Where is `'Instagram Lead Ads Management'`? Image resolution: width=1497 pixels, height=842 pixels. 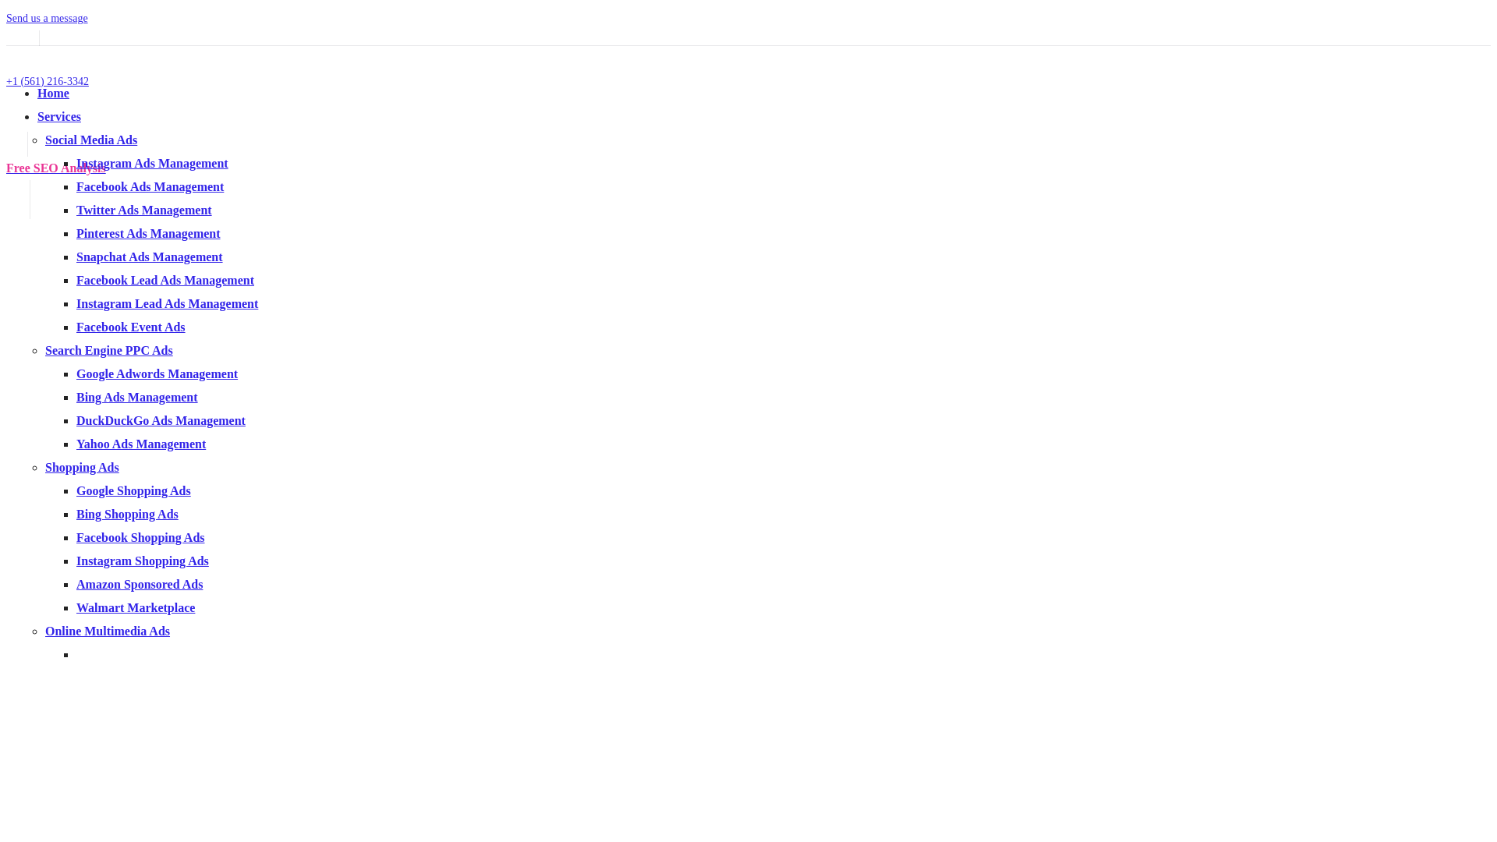
'Instagram Lead Ads Management' is located at coordinates (167, 303).